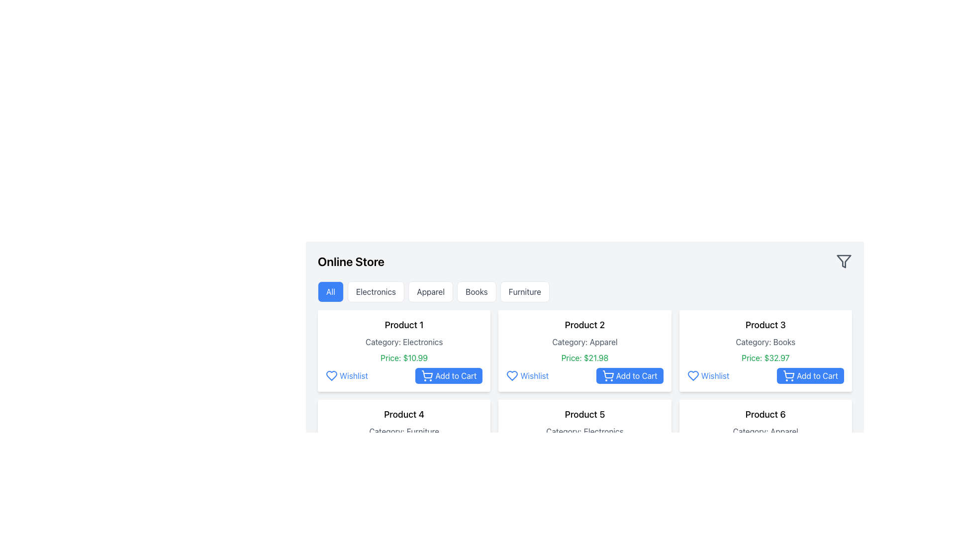  I want to click on the green price information text display located below the category description in the product information card for 'Product 1', so click(404, 358).